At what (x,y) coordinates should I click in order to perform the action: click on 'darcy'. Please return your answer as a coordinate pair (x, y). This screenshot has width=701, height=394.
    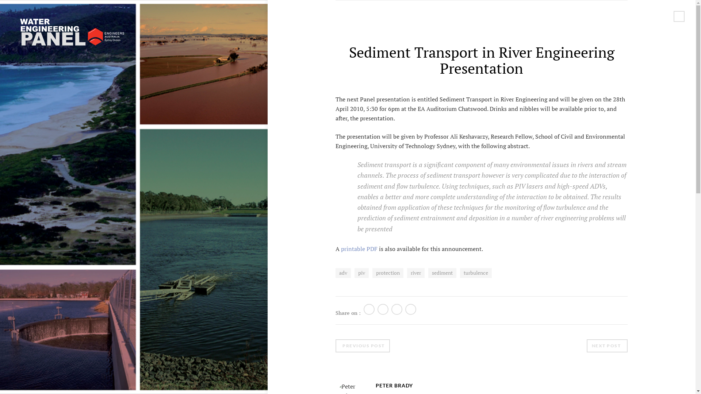
    Looking at the image, I should click on (620, 336).